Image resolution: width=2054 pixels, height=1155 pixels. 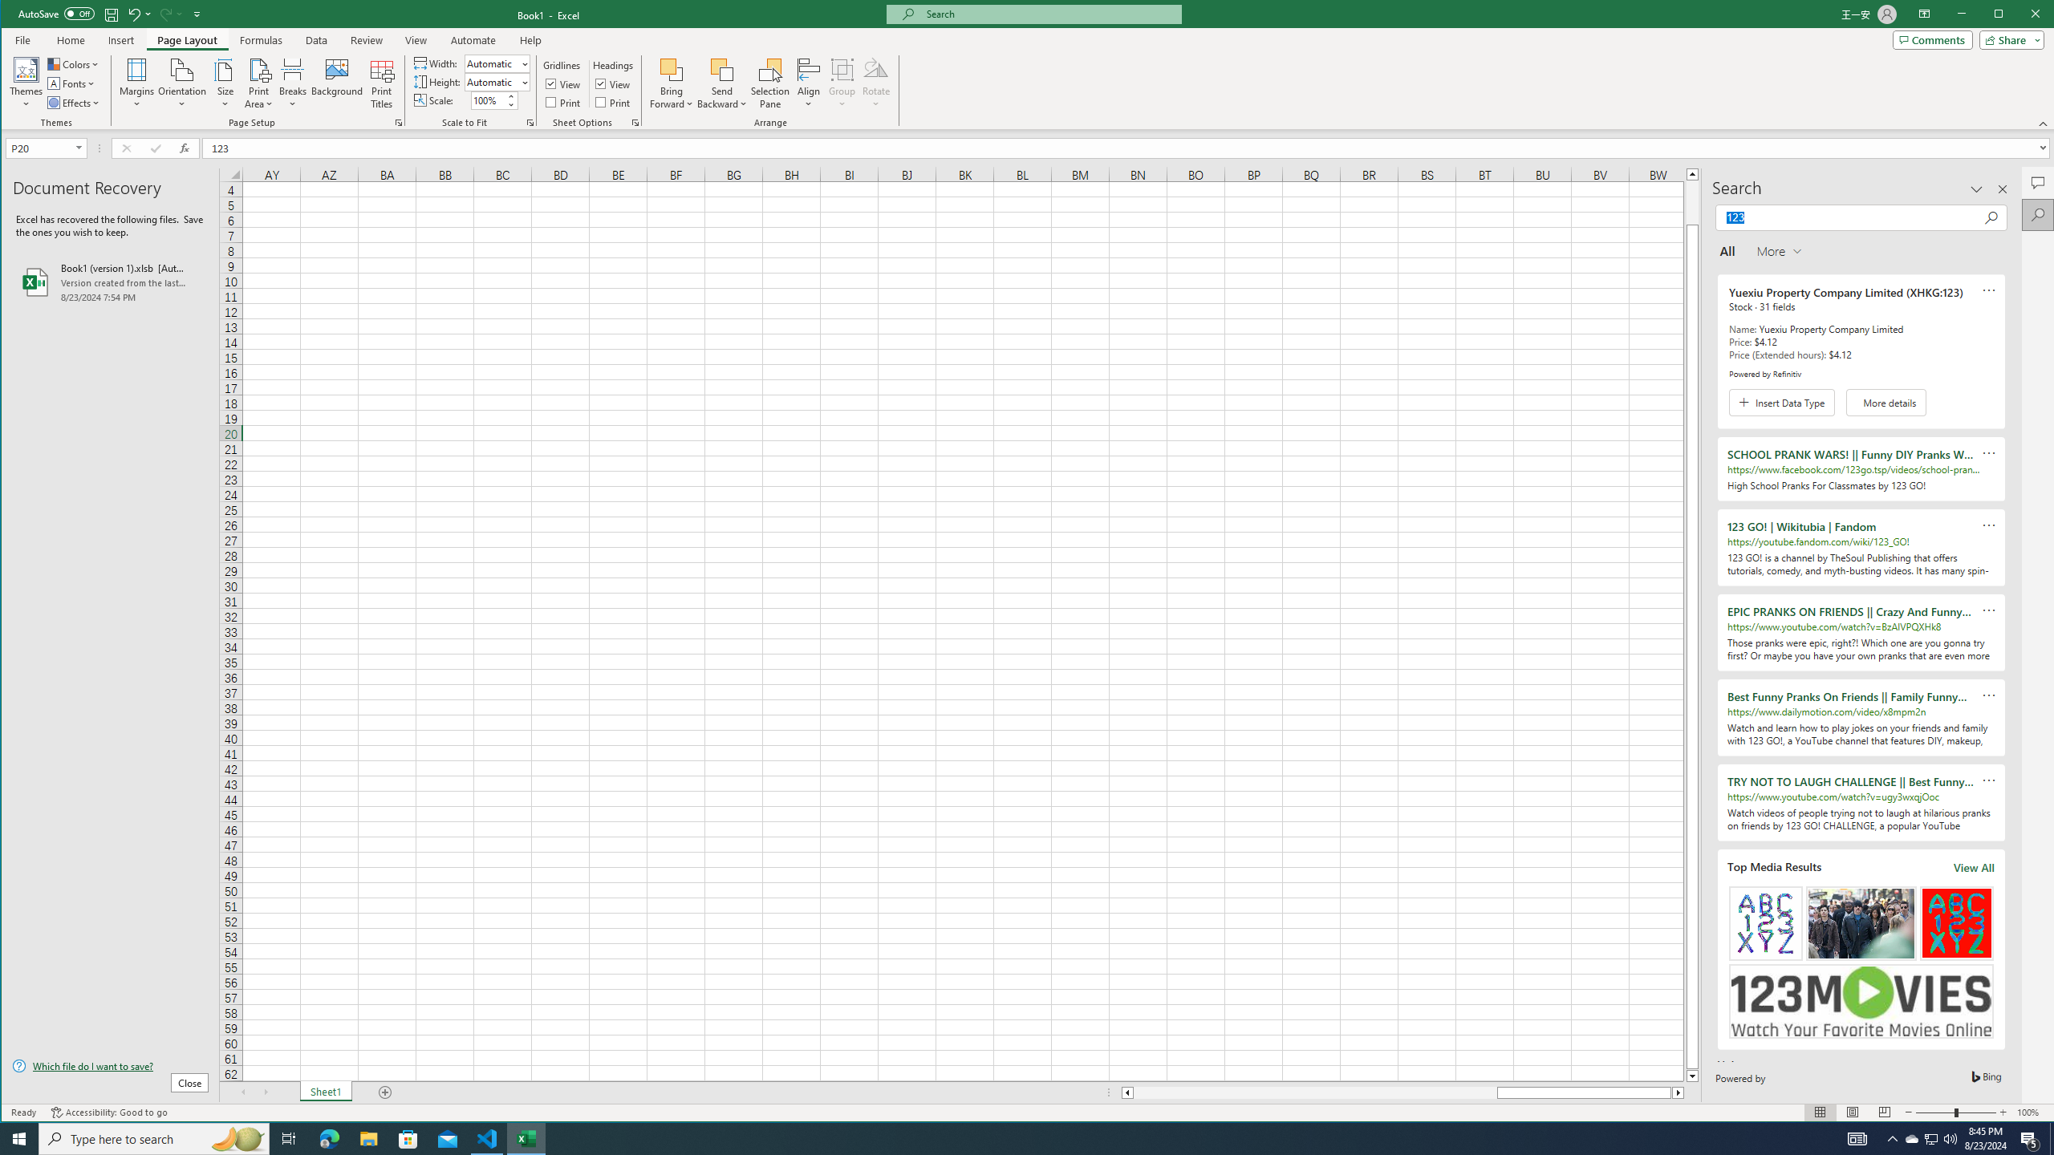 I want to click on 'Customize Quick Access Toolbar', so click(x=197, y=13).